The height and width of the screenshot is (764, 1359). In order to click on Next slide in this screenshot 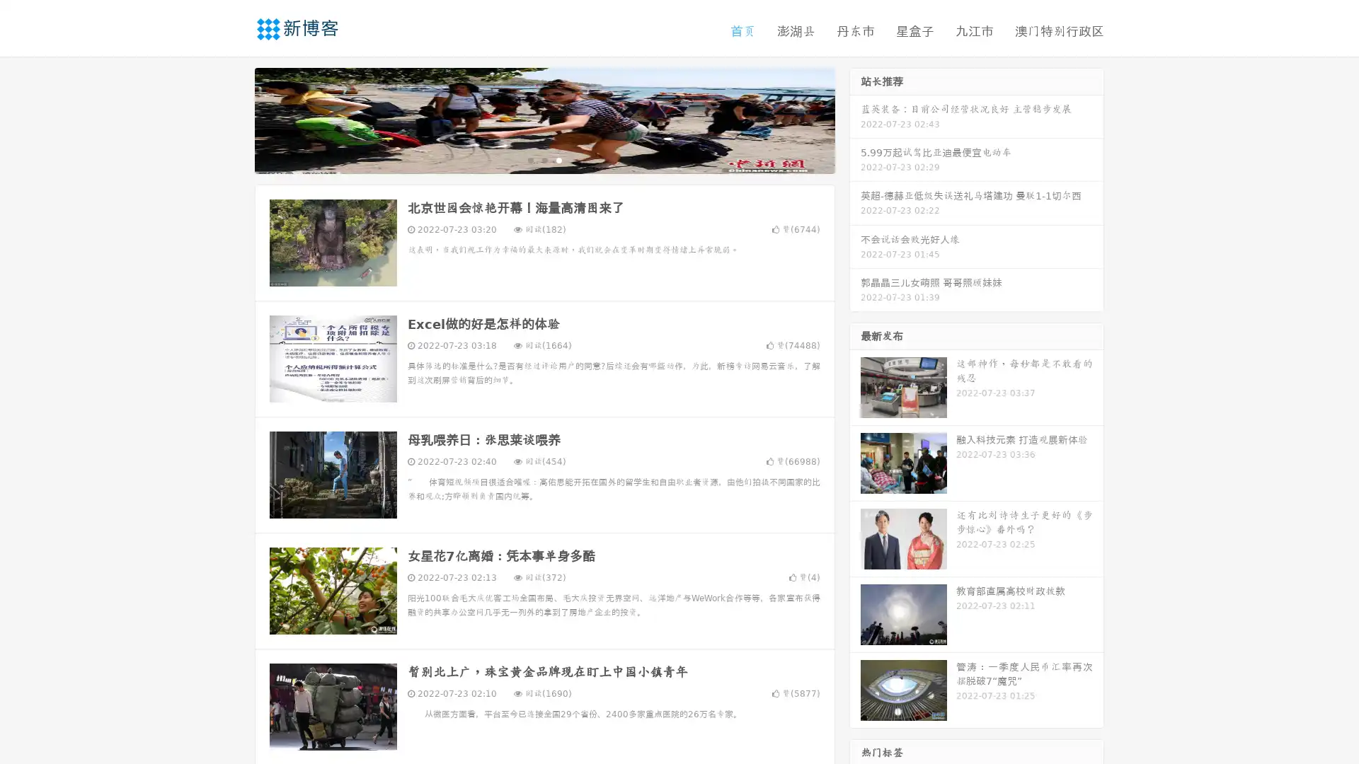, I will do `click(855, 119)`.